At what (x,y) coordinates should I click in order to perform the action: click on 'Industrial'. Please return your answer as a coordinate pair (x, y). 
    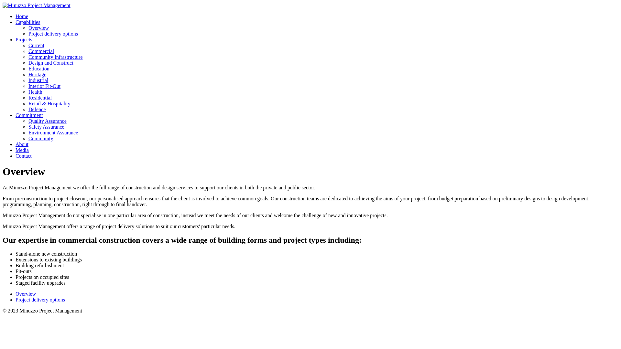
    Looking at the image, I should click on (38, 80).